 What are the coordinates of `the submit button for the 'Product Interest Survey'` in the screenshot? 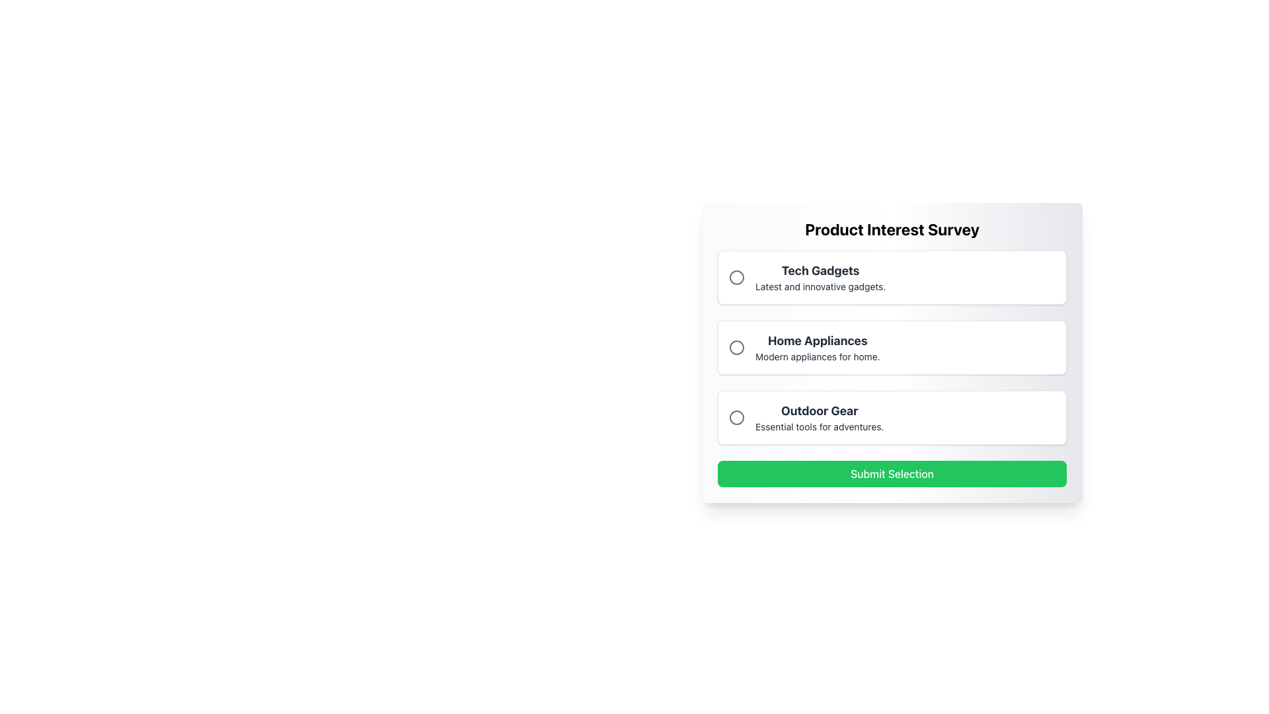 It's located at (892, 473).